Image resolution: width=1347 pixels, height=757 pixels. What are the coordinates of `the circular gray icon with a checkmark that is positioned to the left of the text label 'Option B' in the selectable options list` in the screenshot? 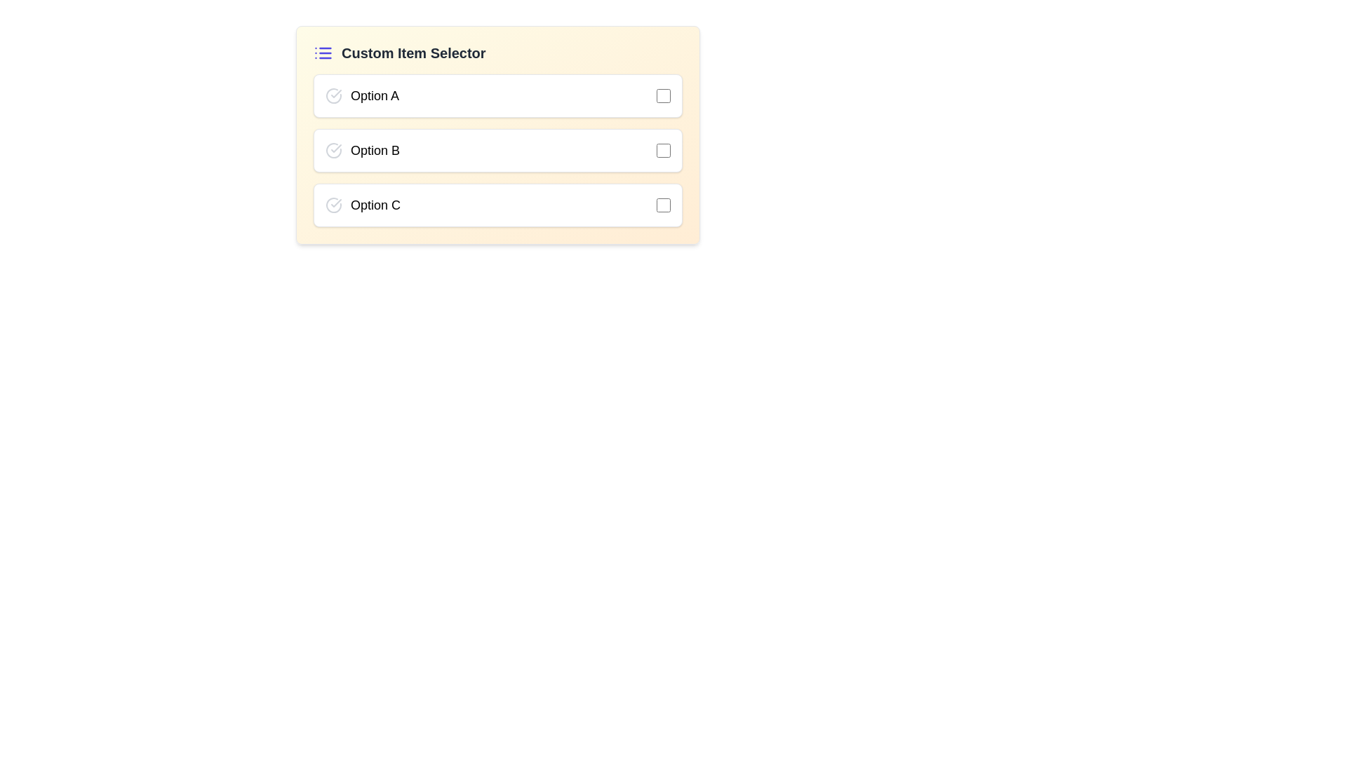 It's located at (333, 151).